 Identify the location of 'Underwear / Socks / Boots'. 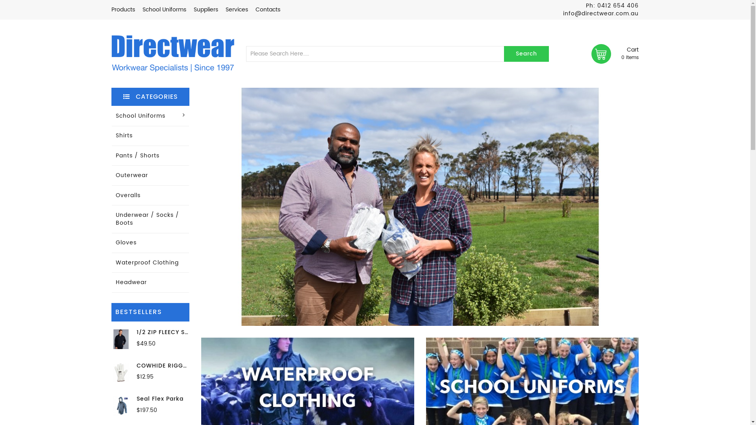
(150, 219).